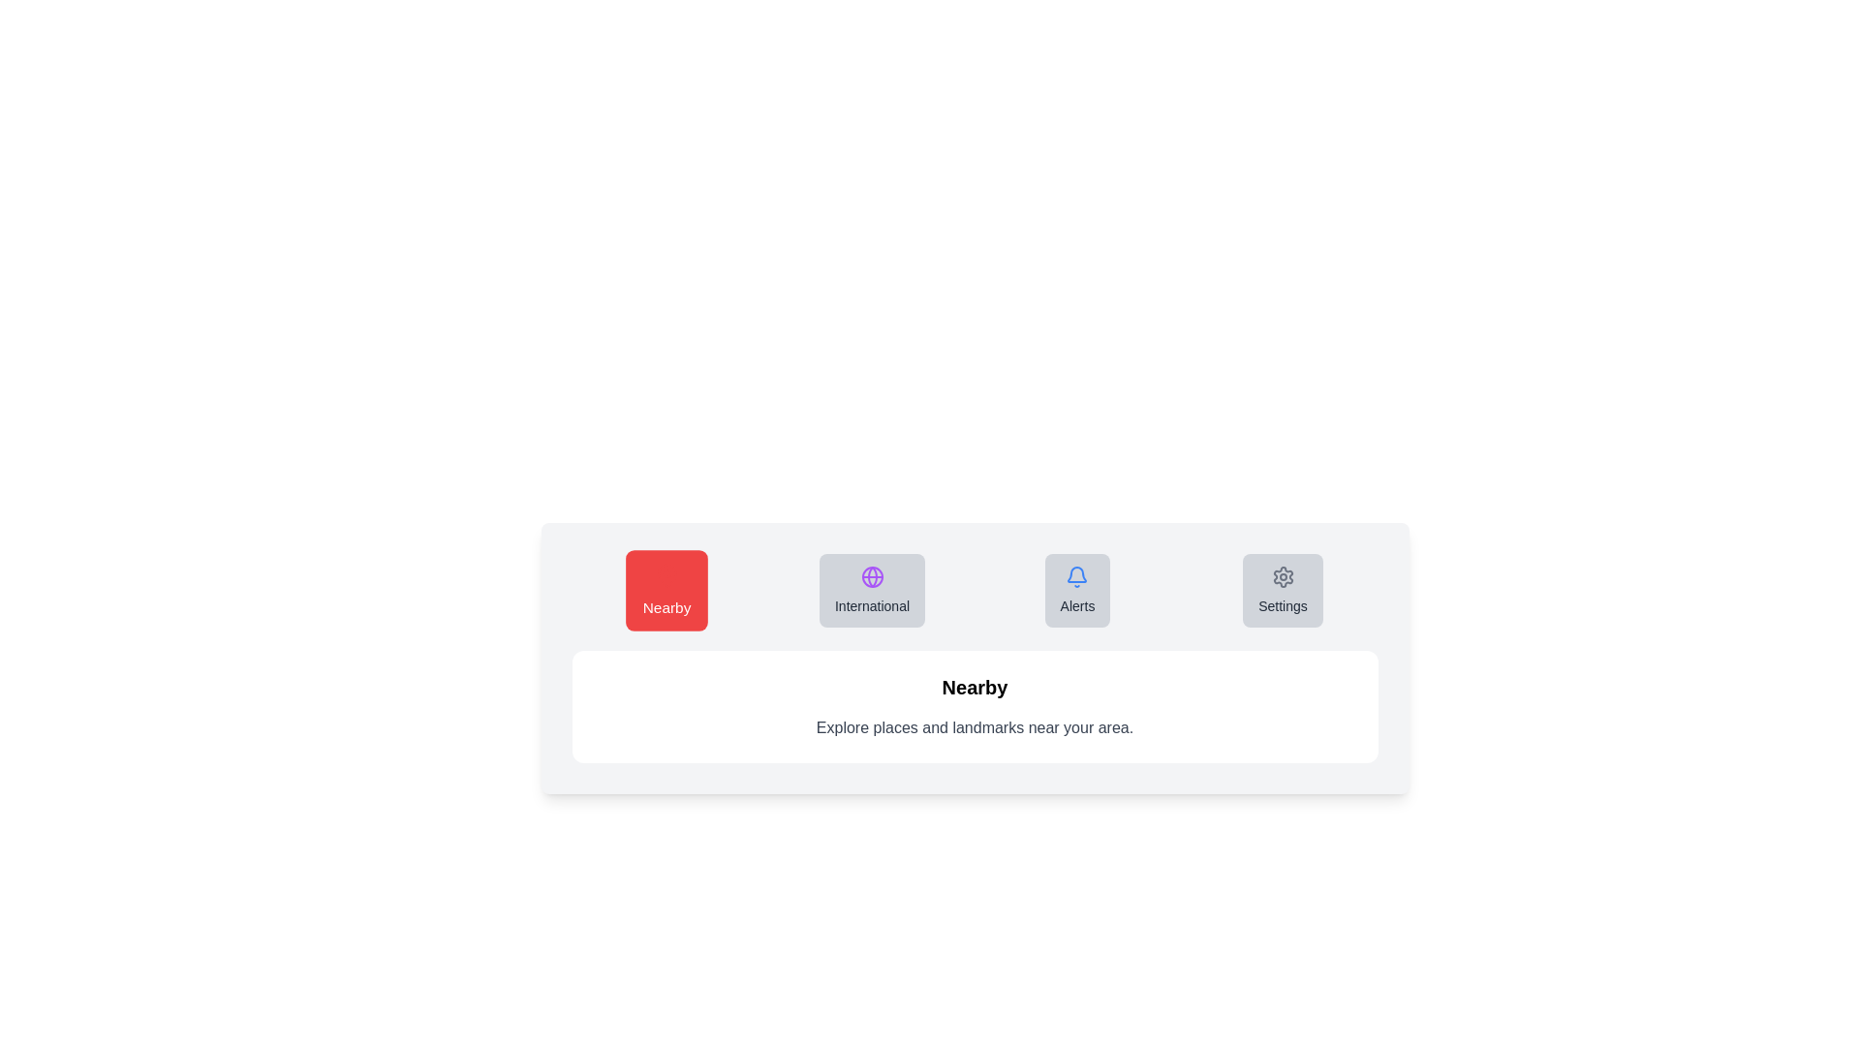  Describe the element at coordinates (1283, 589) in the screenshot. I see `the tab labeled Settings to observe its hover effect` at that location.